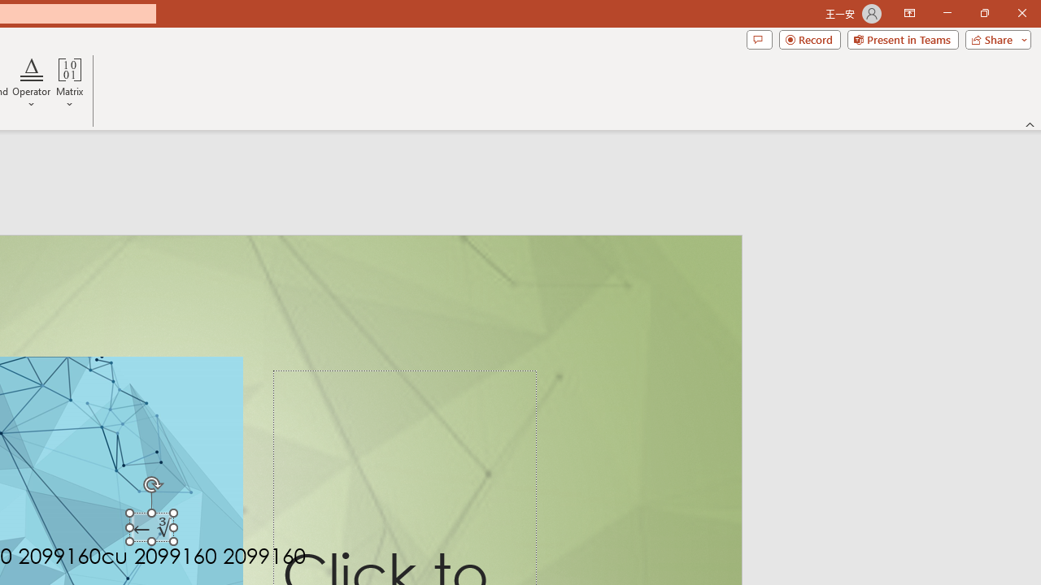 This screenshot has width=1041, height=585. Describe the element at coordinates (32, 84) in the screenshot. I see `'Operator'` at that location.